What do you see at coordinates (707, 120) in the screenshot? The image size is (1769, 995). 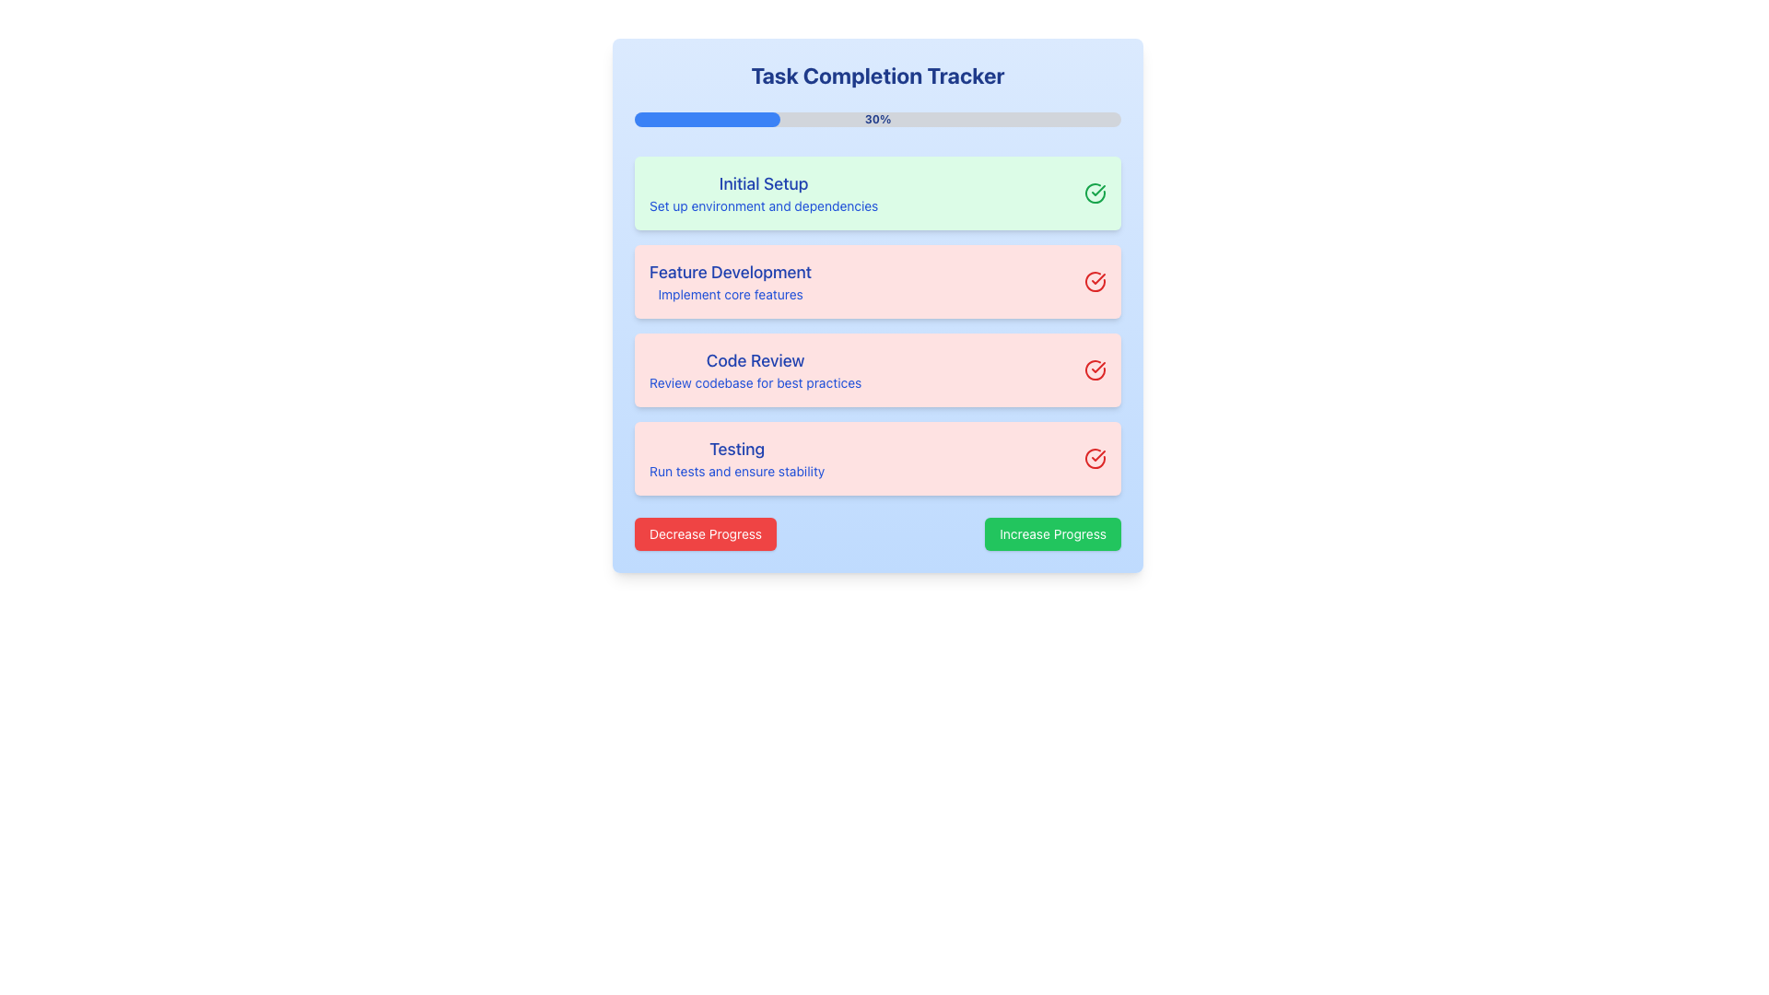 I see `the Progress Bar located beneath the 'Task Completion Tracker' heading, which visually represents the current progress of tasks being tracked` at bounding box center [707, 120].